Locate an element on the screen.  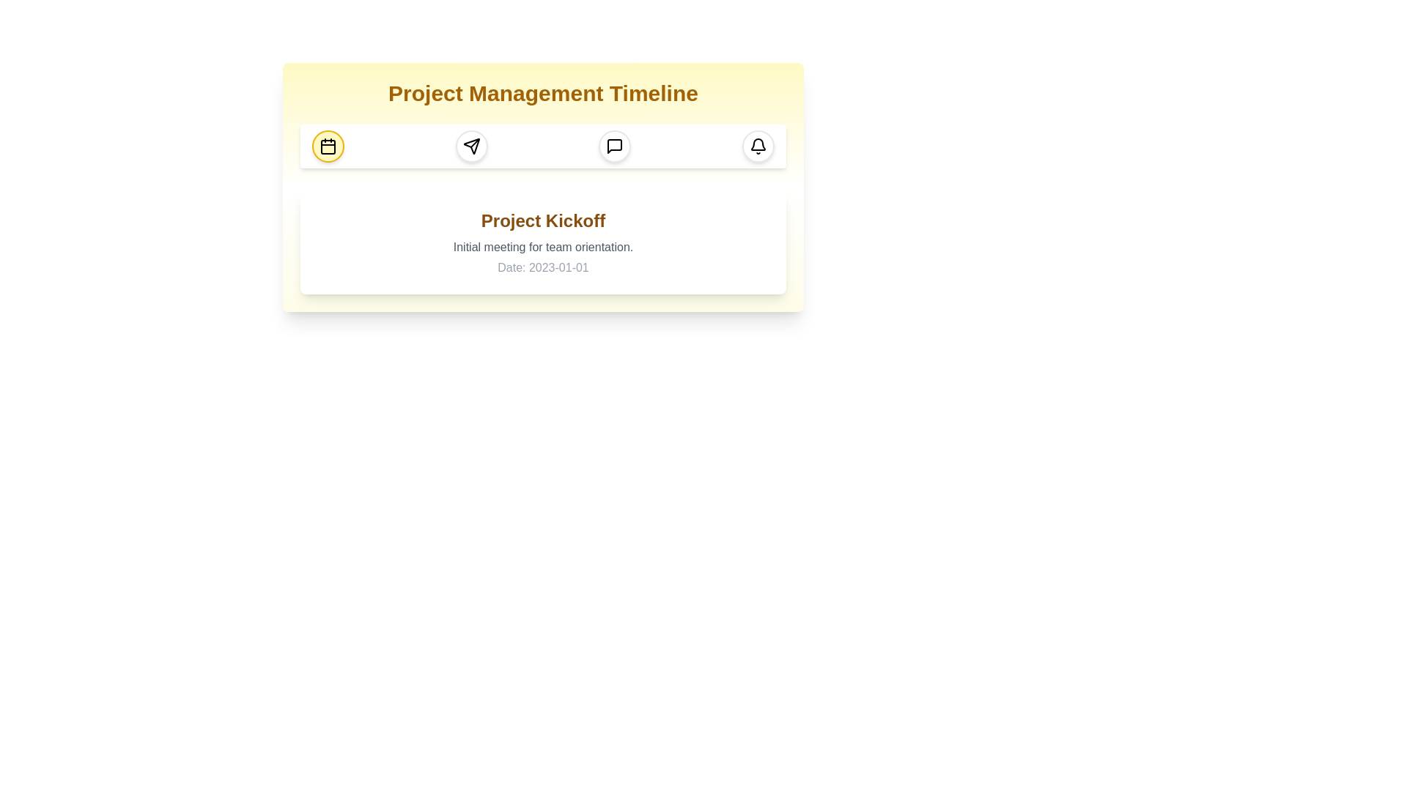
the bell icon located at the rightmost end of the row of circular buttons is located at coordinates (757, 146).